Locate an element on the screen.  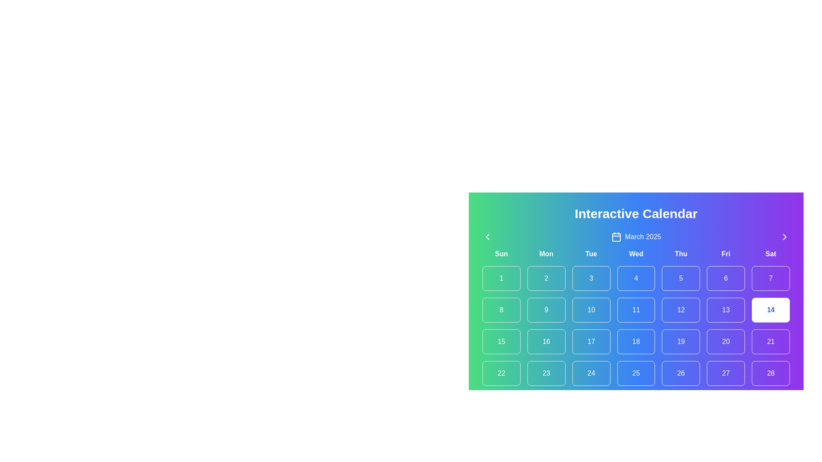
the '26th' date button in the calendar interface is located at coordinates (680, 373).